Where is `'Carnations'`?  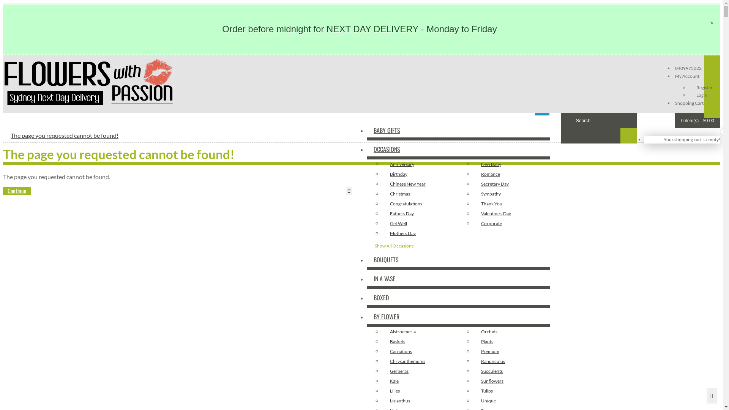 'Carnations' is located at coordinates (420, 351).